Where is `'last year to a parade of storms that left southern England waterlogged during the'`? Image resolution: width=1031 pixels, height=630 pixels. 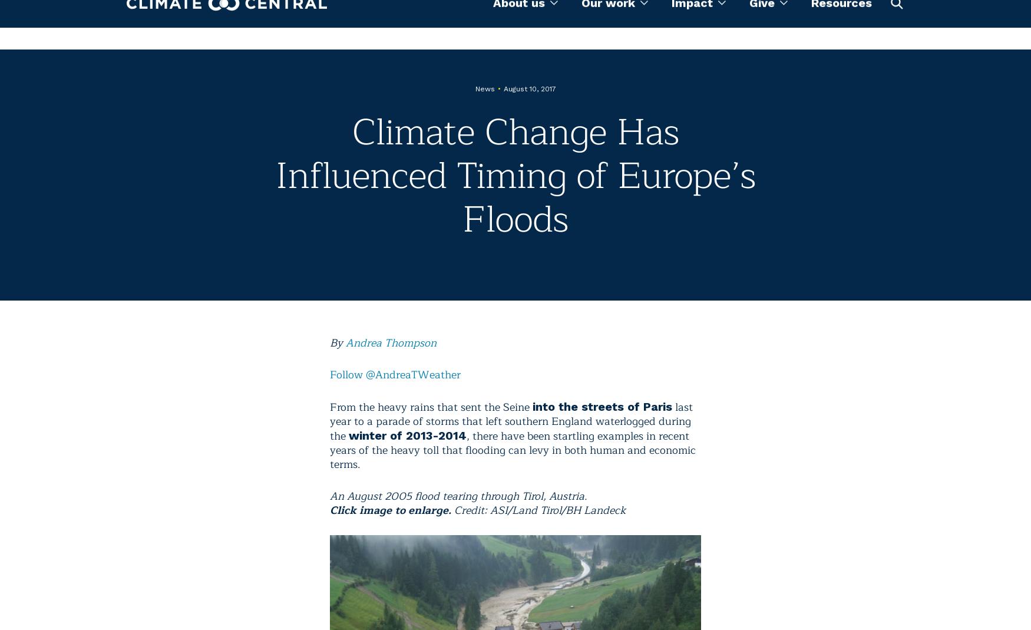 'last year to a parade of storms that left southern England waterlogged during the' is located at coordinates (329, 421).